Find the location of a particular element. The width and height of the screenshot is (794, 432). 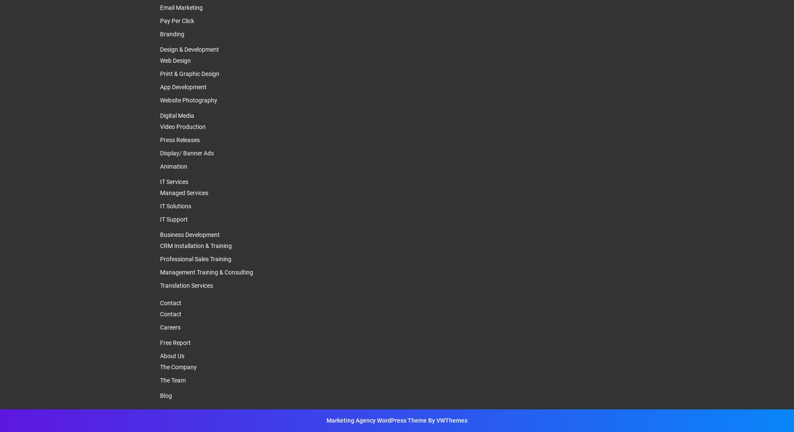

'Press Releases' is located at coordinates (180, 139).